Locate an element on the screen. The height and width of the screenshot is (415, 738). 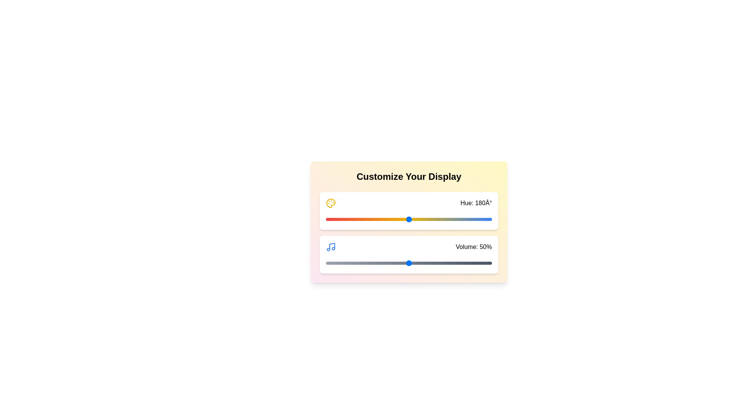
the volume slider to 74% is located at coordinates (449, 263).